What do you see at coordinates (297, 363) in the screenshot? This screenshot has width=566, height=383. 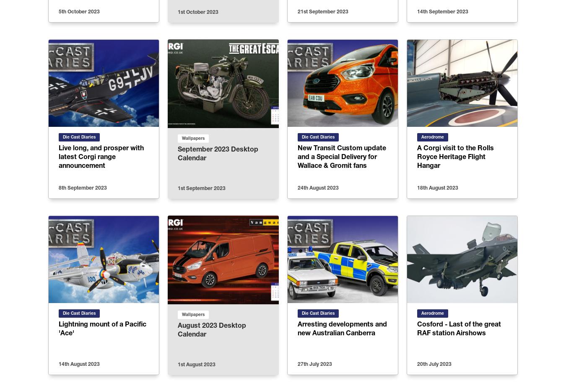 I see `'27th July 2023'` at bounding box center [297, 363].